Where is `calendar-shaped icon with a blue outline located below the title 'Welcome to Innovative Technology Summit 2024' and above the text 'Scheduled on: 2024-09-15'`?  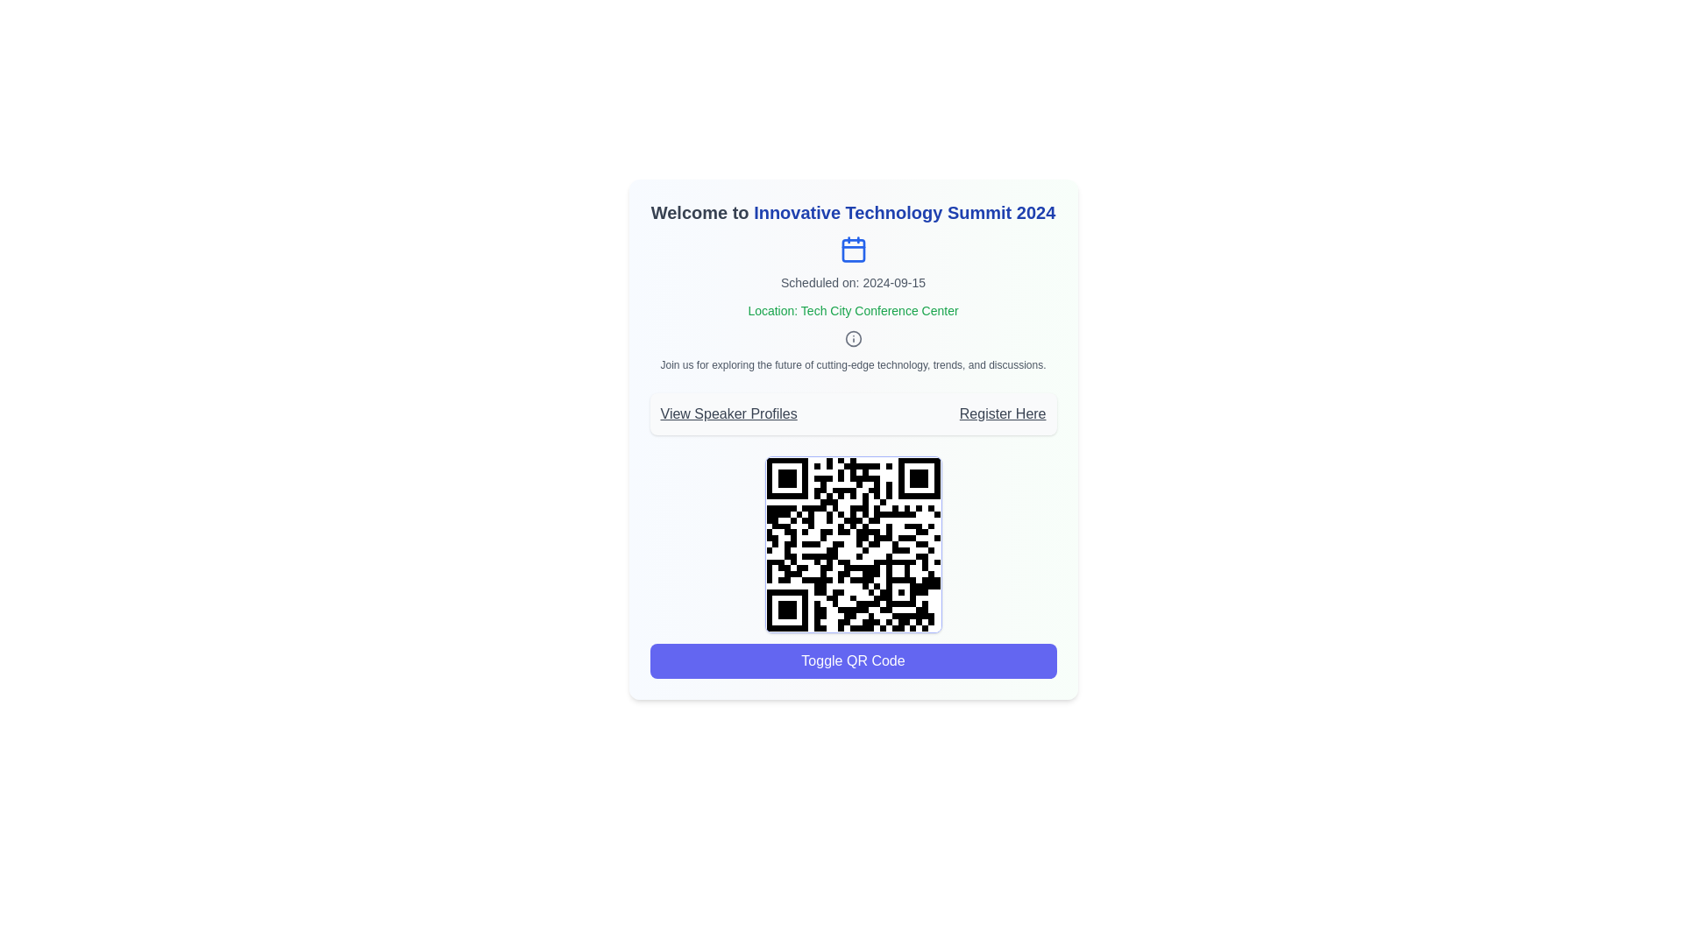
calendar-shaped icon with a blue outline located below the title 'Welcome to Innovative Technology Summit 2024' and above the text 'Scheduled on: 2024-09-15' is located at coordinates (853, 250).